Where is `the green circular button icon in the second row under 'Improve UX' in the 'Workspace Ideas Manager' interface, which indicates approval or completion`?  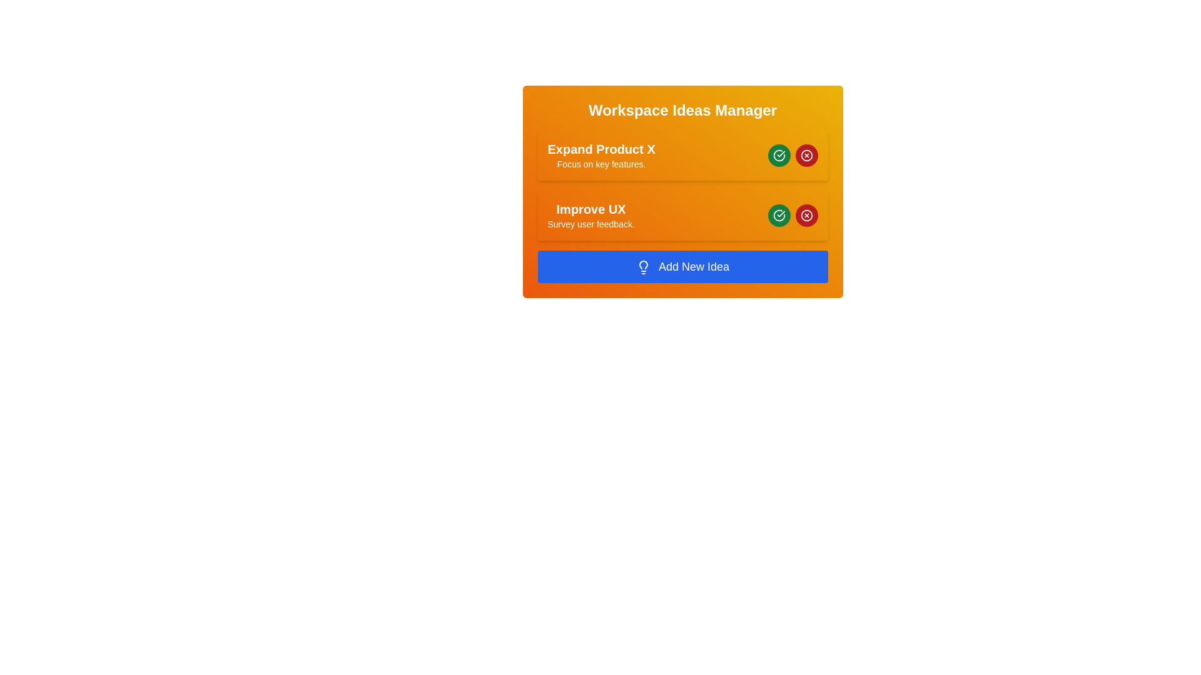
the green circular button icon in the second row under 'Improve UX' in the 'Workspace Ideas Manager' interface, which indicates approval or completion is located at coordinates (778, 214).